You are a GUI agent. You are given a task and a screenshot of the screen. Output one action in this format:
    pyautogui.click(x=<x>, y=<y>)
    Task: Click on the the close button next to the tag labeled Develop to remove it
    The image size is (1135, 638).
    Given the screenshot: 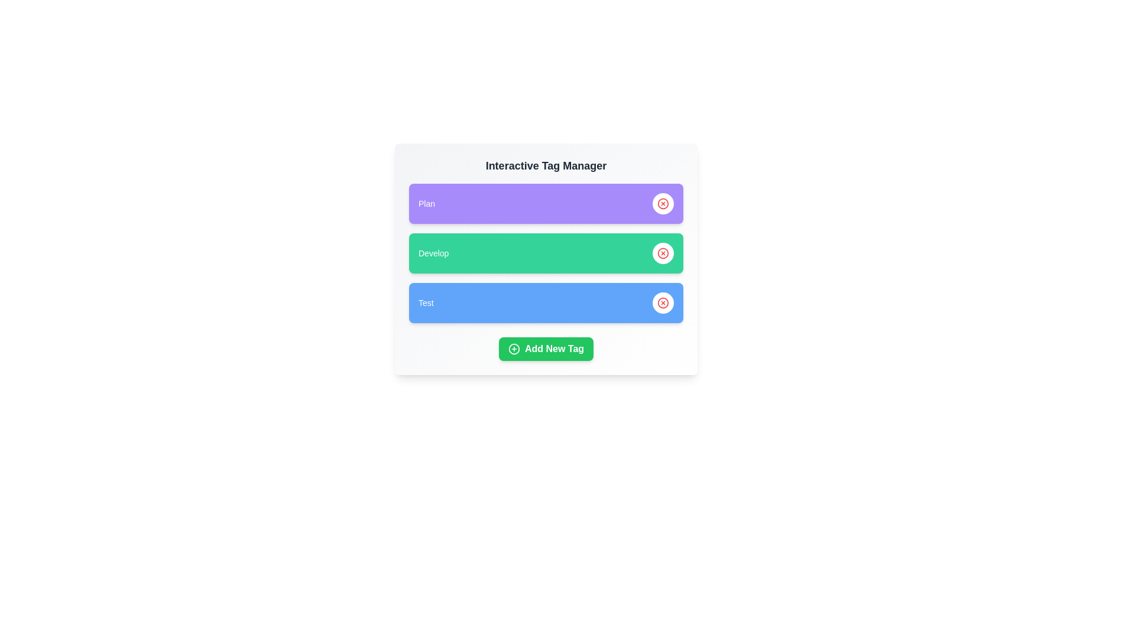 What is the action you would take?
    pyautogui.click(x=663, y=252)
    